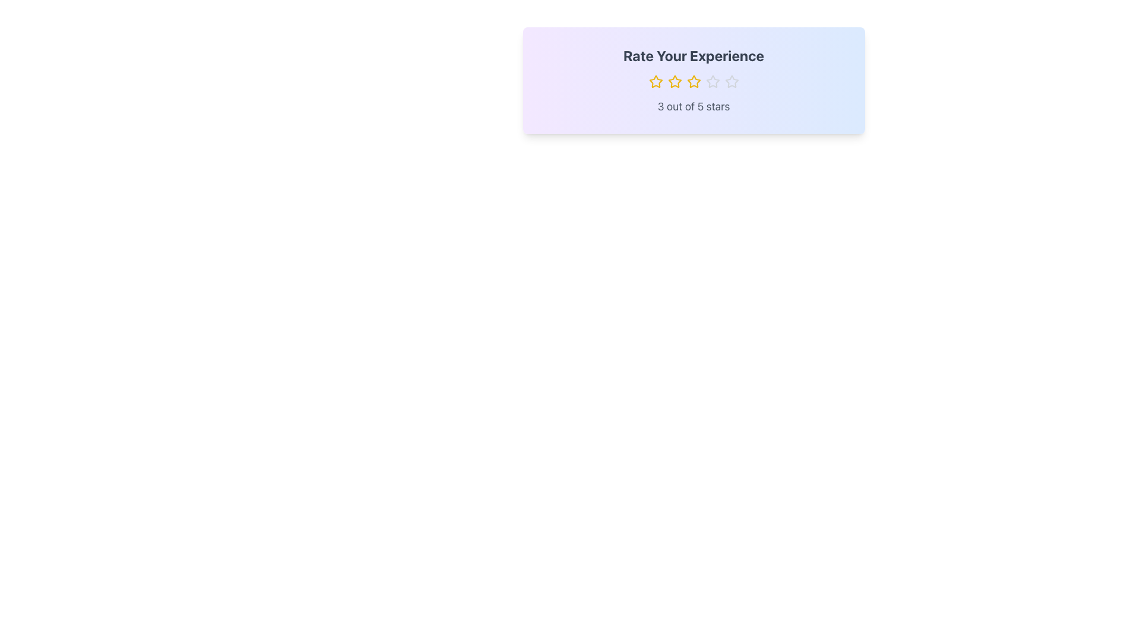 Image resolution: width=1140 pixels, height=641 pixels. I want to click on the golden five-pointed star icon with a hollow middle, so click(655, 81).